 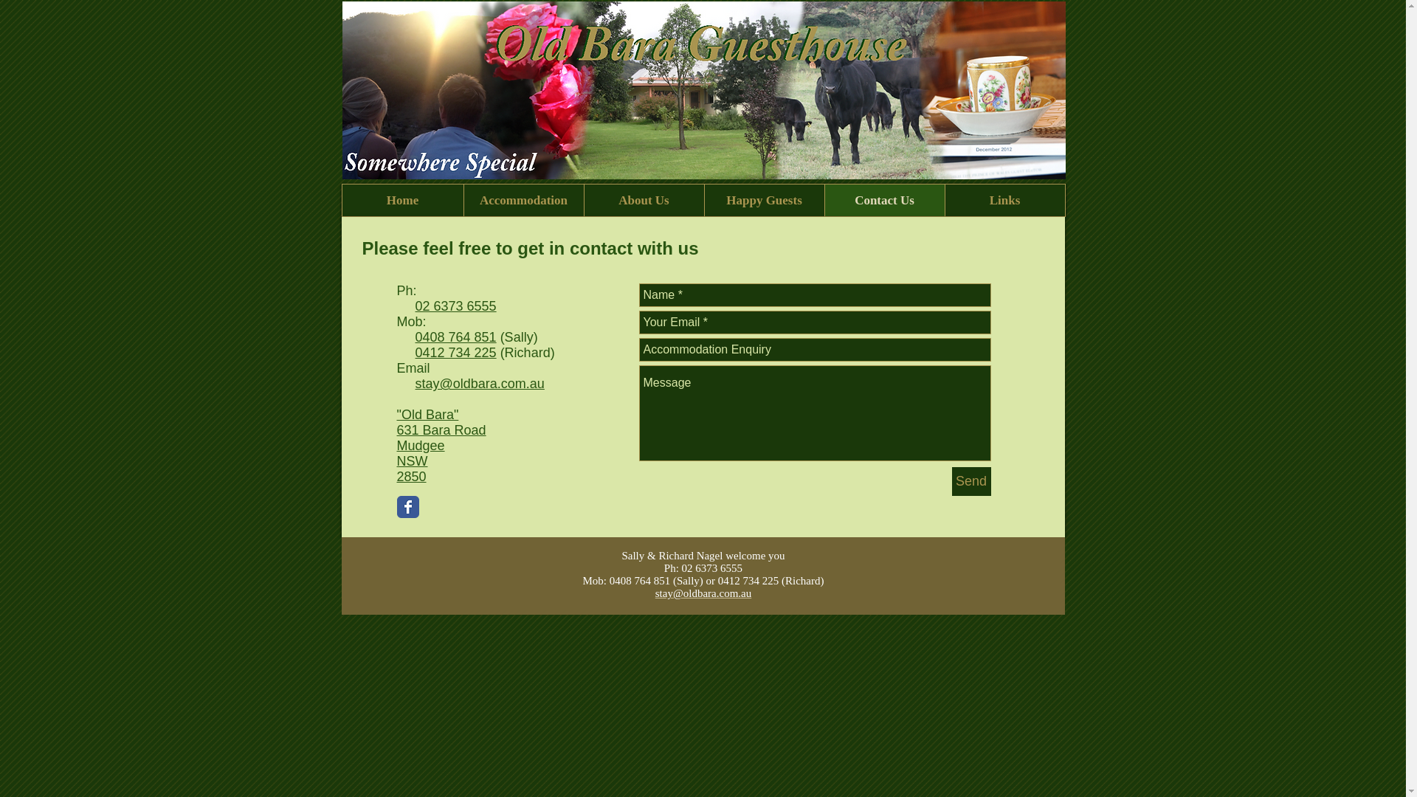 What do you see at coordinates (1004, 200) in the screenshot?
I see `'Links'` at bounding box center [1004, 200].